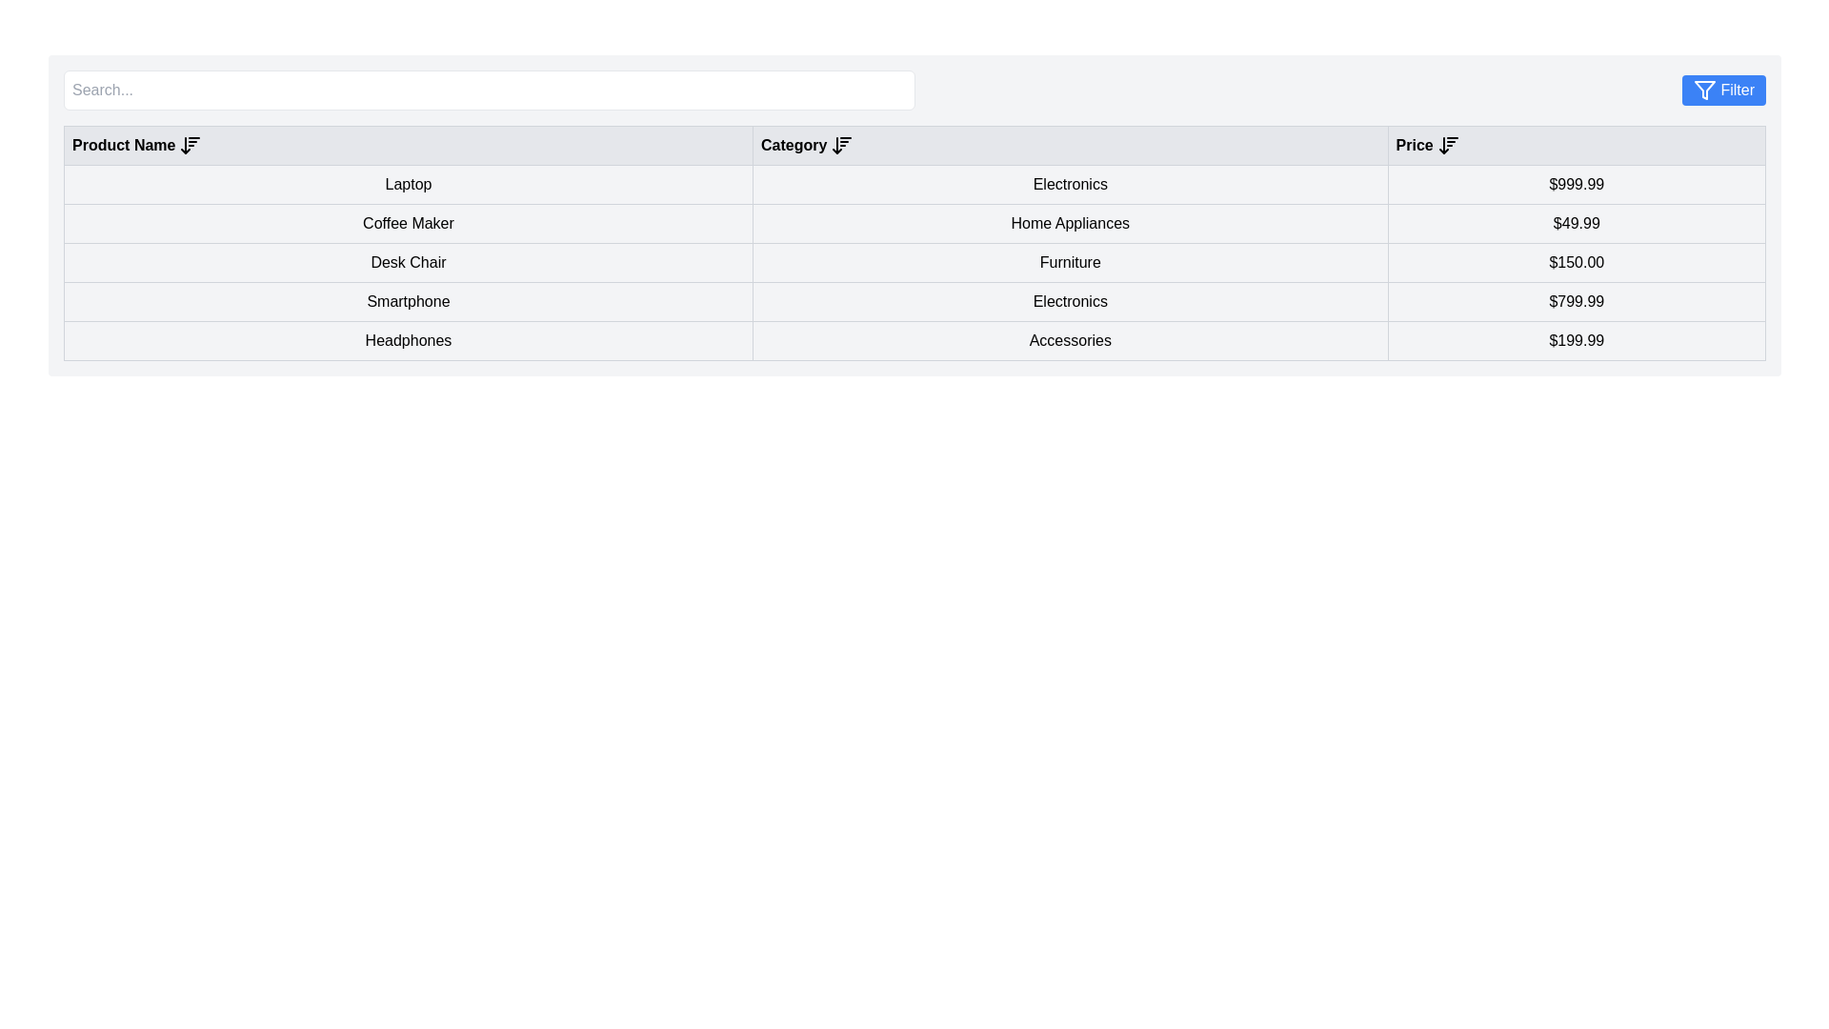 This screenshot has height=1029, width=1829. What do you see at coordinates (407, 340) in the screenshot?
I see `the static text label displaying 'Headphones' which is located in the last row of the table under the 'Product Name' column` at bounding box center [407, 340].